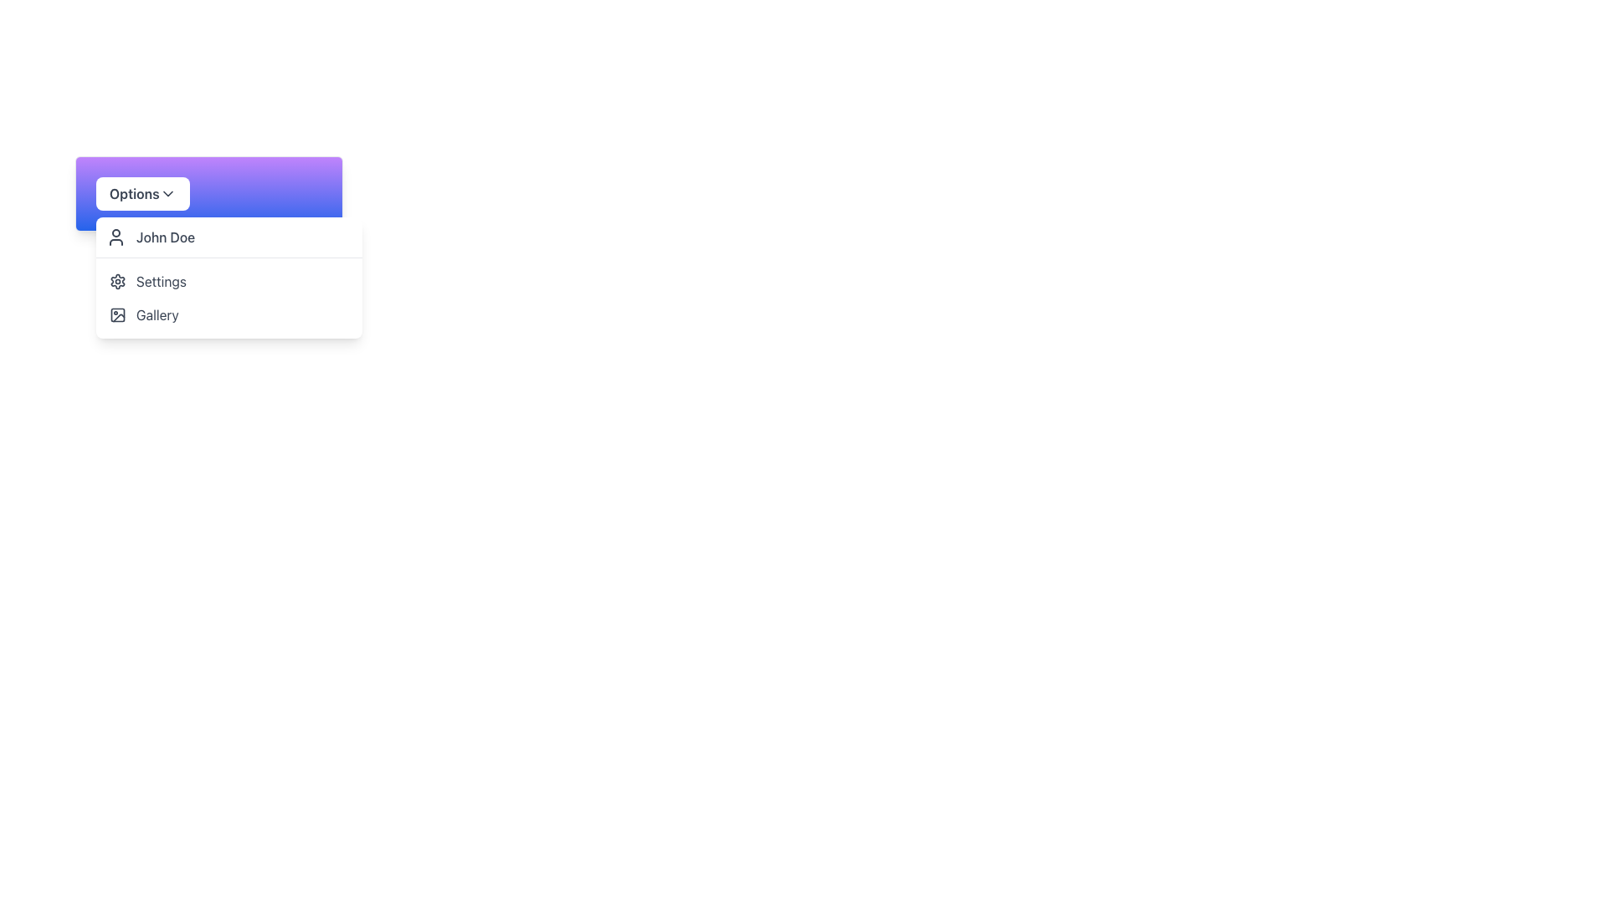 This screenshot has height=903, width=1607. What do you see at coordinates (166, 237) in the screenshot?
I see `the first text-based item in the dropdown menu under the purple 'Options' button that denotes a user-related entry, likely representing a user's name` at bounding box center [166, 237].